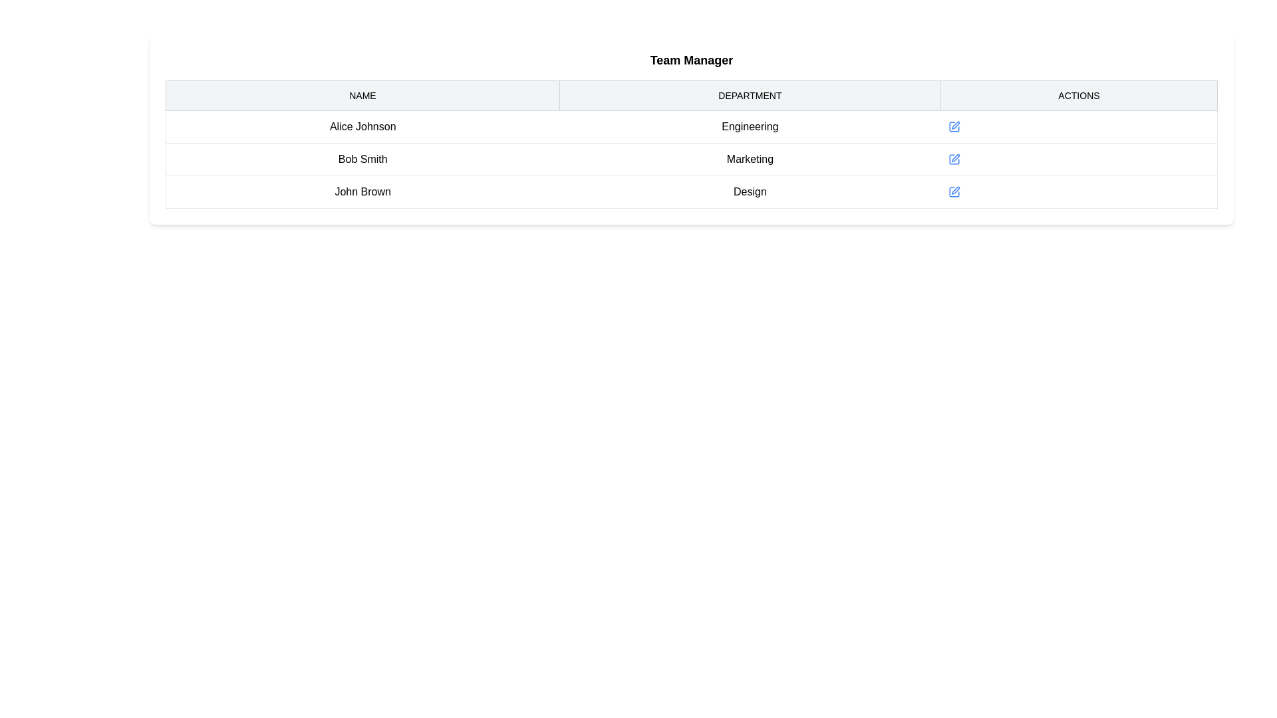 This screenshot has height=718, width=1277. I want to click on the text label displaying 'Bob Smith', so click(362, 158).